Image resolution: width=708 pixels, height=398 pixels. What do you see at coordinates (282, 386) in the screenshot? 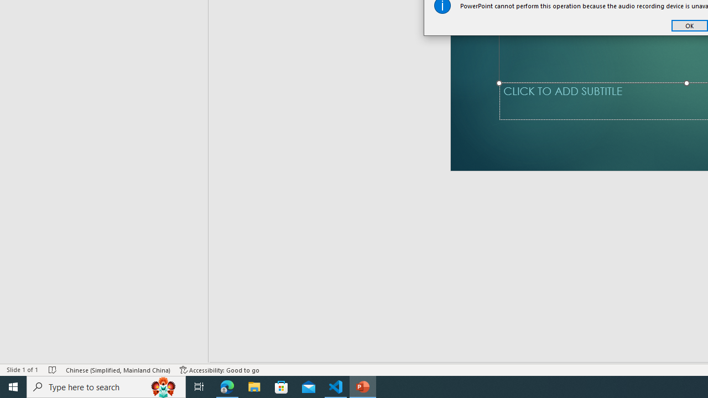
I see `'Microsoft Store'` at bounding box center [282, 386].